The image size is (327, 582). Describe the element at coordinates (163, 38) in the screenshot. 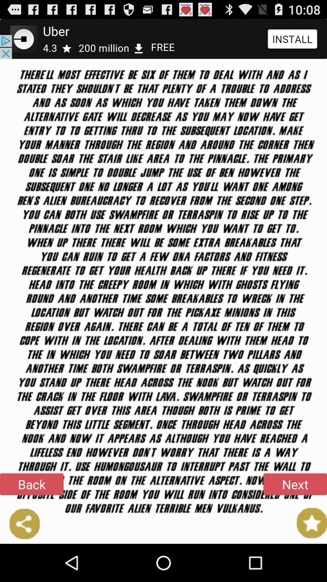

I see `the item at the top` at that location.